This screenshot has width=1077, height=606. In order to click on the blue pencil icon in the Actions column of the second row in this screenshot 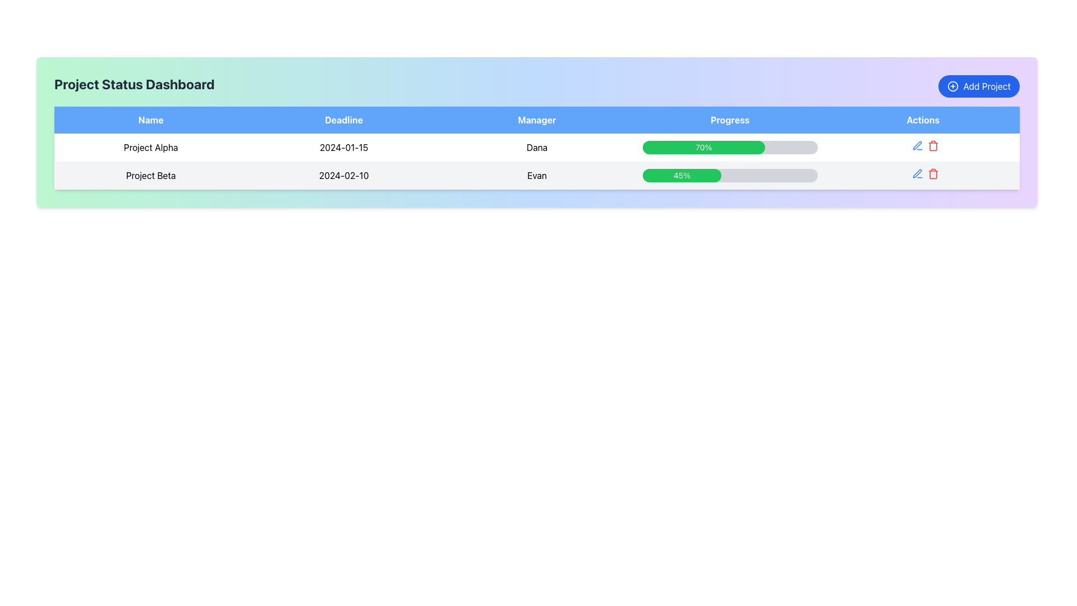, I will do `click(917, 173)`.